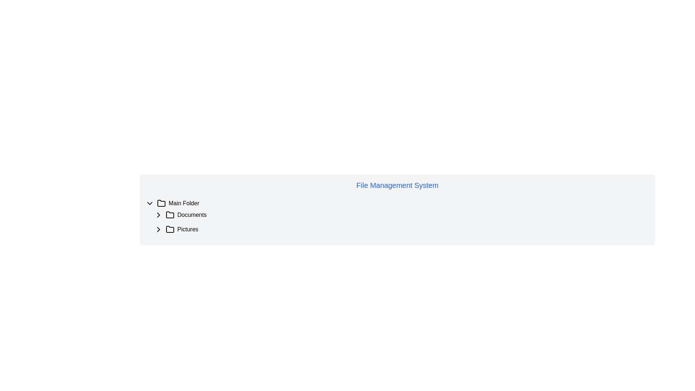 This screenshot has height=391, width=695. I want to click on the 'Documents' folder item, which is the second item, so click(186, 215).